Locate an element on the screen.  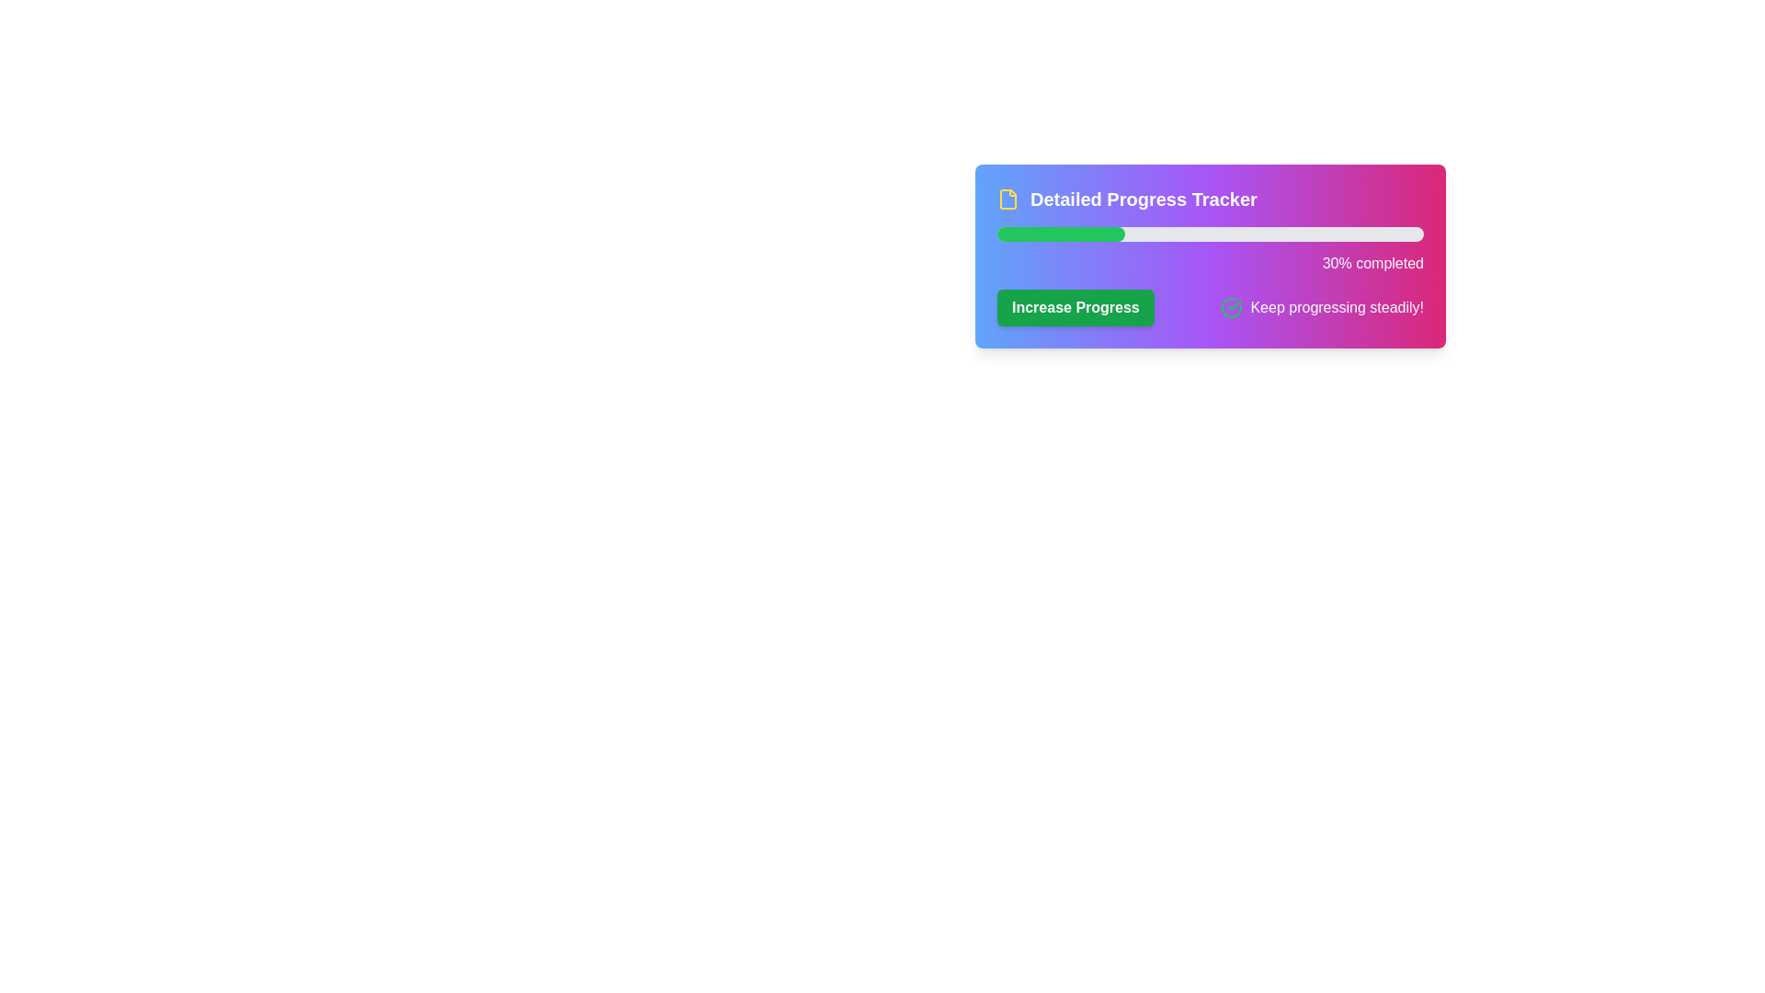
the Progress indicator which visually indicates 30% completion, located within the progress bar of the progress tracker interface is located at coordinates (1061, 233).